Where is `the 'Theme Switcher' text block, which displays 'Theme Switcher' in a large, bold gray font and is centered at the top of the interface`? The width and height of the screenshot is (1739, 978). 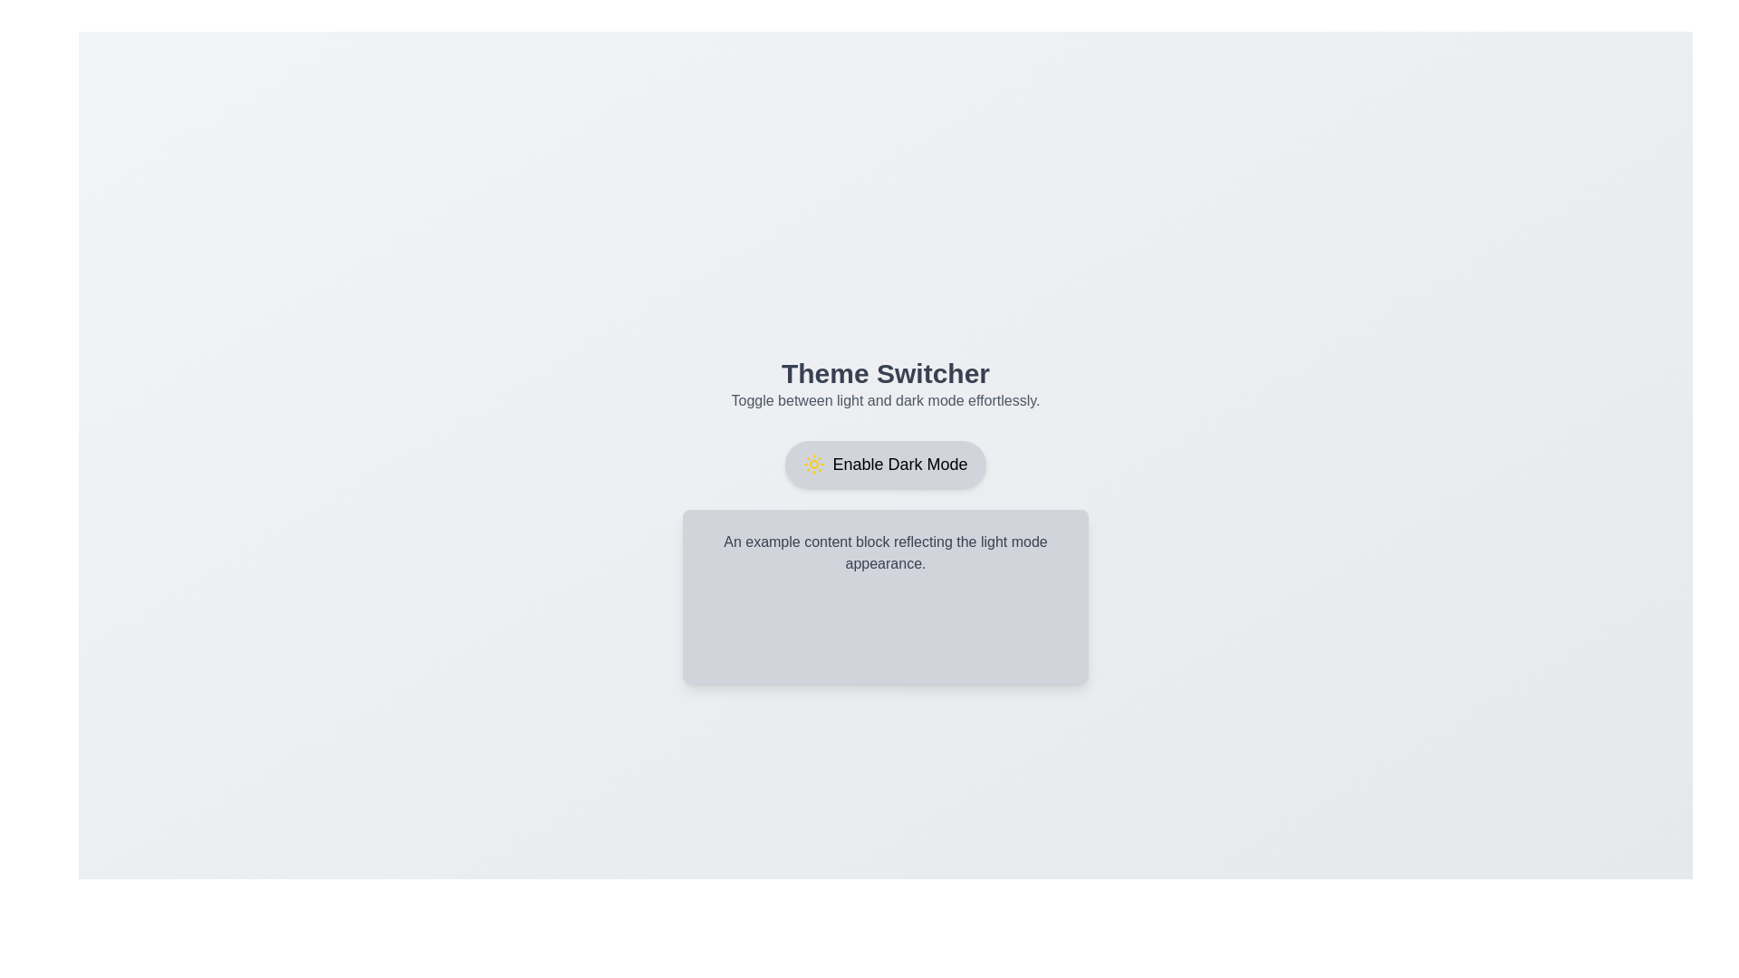 the 'Theme Switcher' text block, which displays 'Theme Switcher' in a large, bold gray font and is centered at the top of the interface is located at coordinates (886, 383).